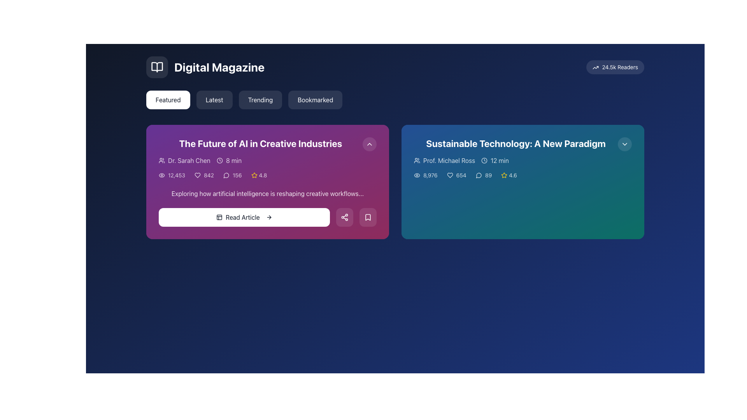 The image size is (747, 420). I want to click on the view count text with icon, which is the first element in a horizontal row within the card labeled 'The Future of AI in Creative Industries.', so click(171, 175).